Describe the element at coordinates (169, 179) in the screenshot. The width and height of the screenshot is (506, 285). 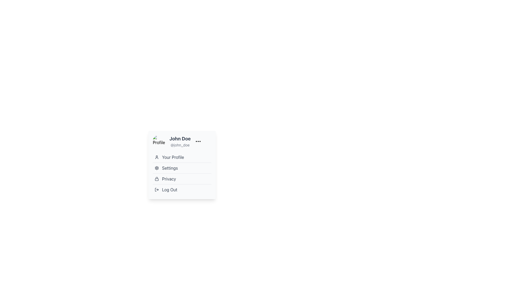
I see `the 'Privacy' text label, which is the third item in a vertical list of a dropdown menu, positioned below 'Settings' and above 'Log Out'` at that location.